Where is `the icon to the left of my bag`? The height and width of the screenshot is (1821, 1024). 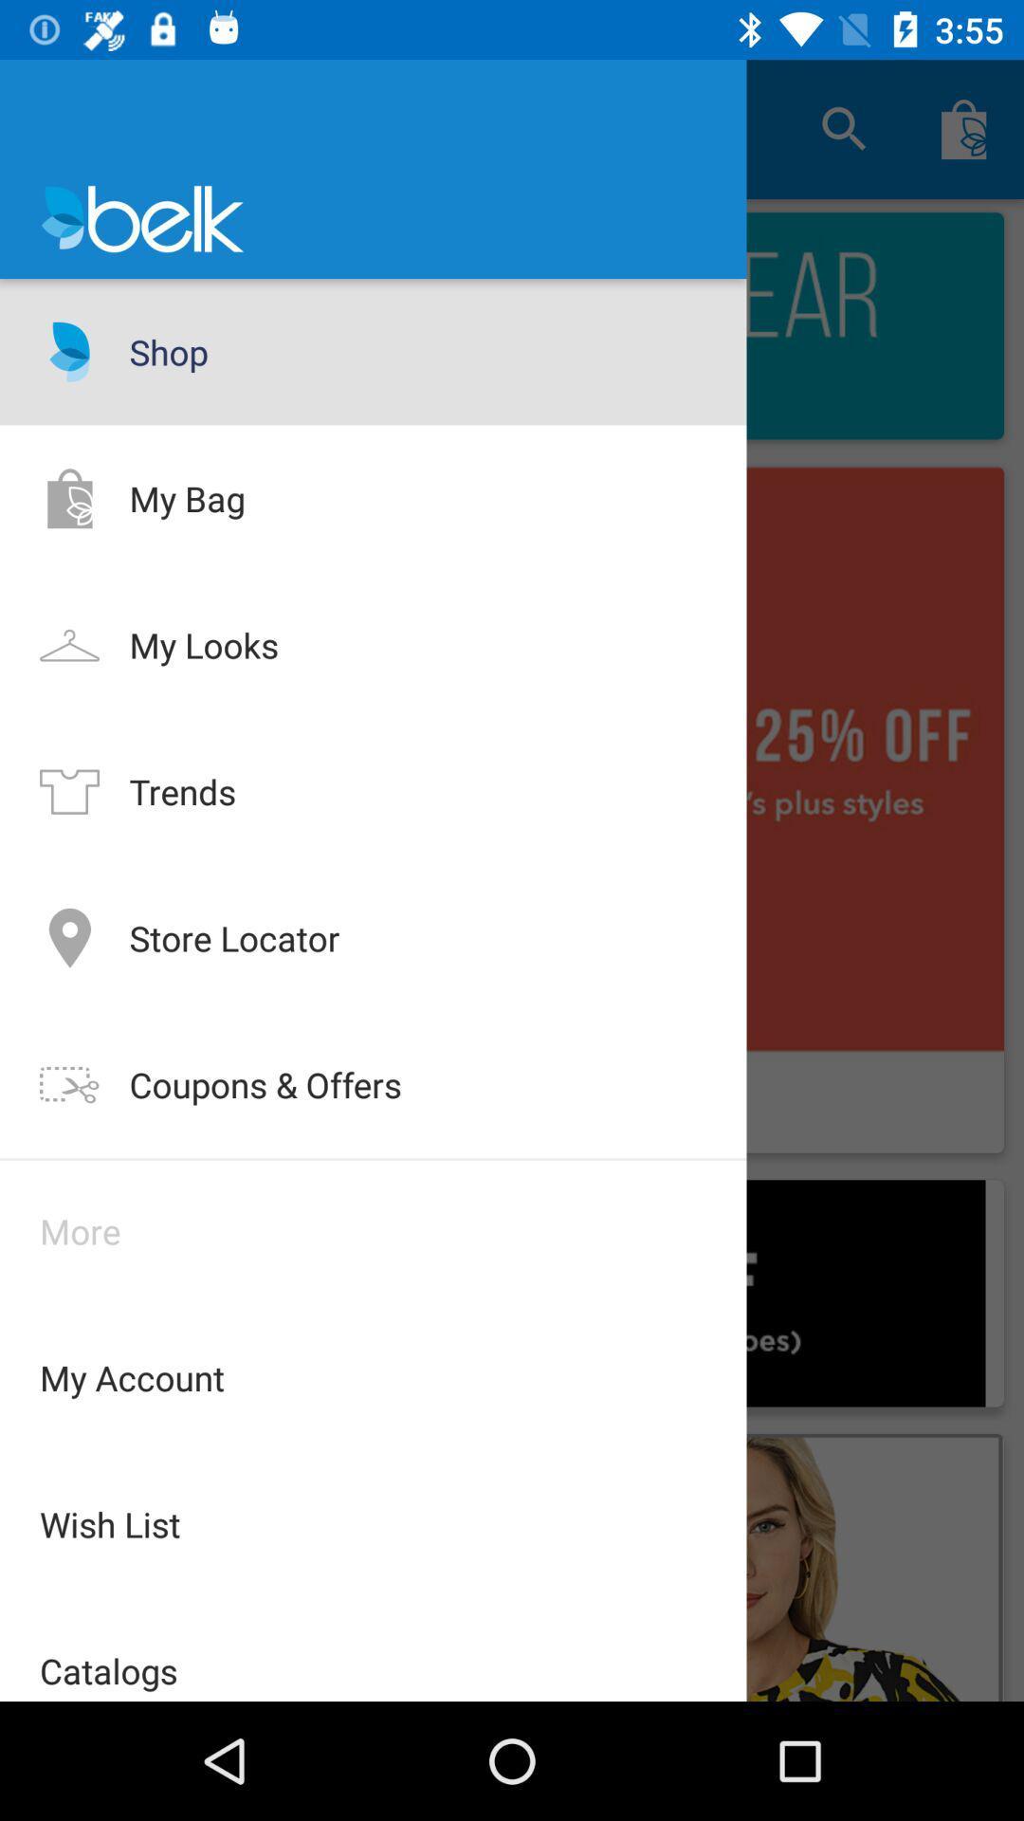
the icon to the left of my bag is located at coordinates (68, 498).